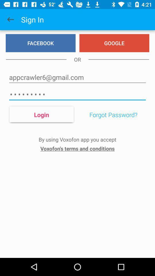  What do you see at coordinates (77, 77) in the screenshot?
I see `item above the crowd3116` at bounding box center [77, 77].